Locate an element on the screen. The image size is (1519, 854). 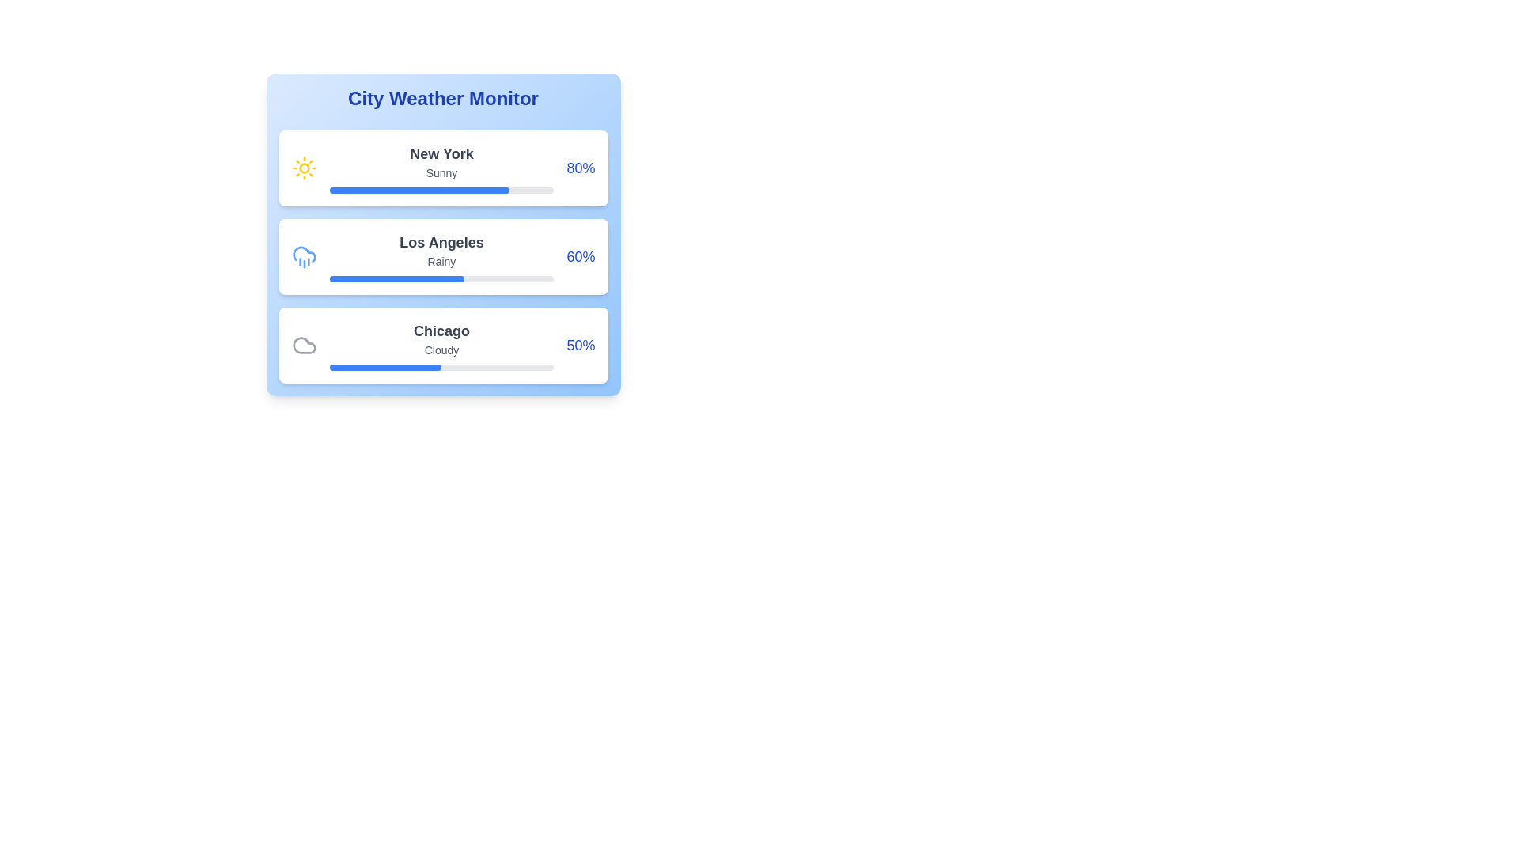
heading element at the top of the weather monitoring card to understand the context of the page is located at coordinates (443, 98).